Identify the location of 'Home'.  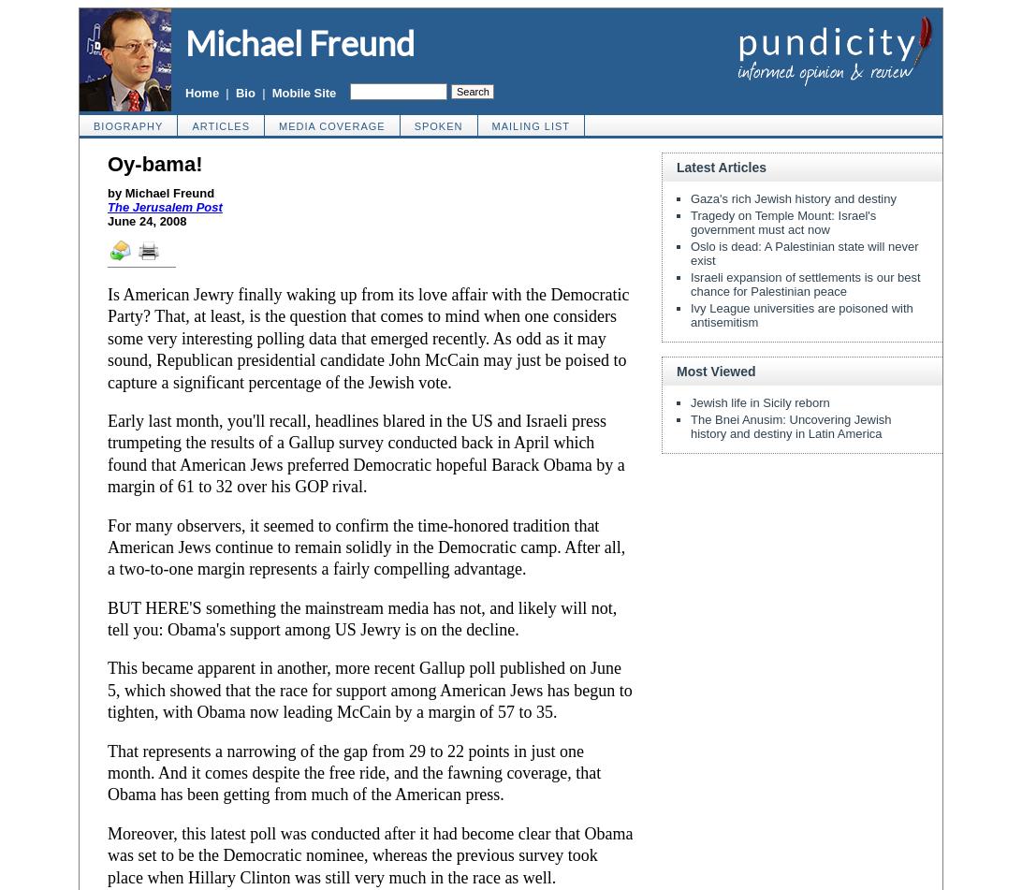
(201, 93).